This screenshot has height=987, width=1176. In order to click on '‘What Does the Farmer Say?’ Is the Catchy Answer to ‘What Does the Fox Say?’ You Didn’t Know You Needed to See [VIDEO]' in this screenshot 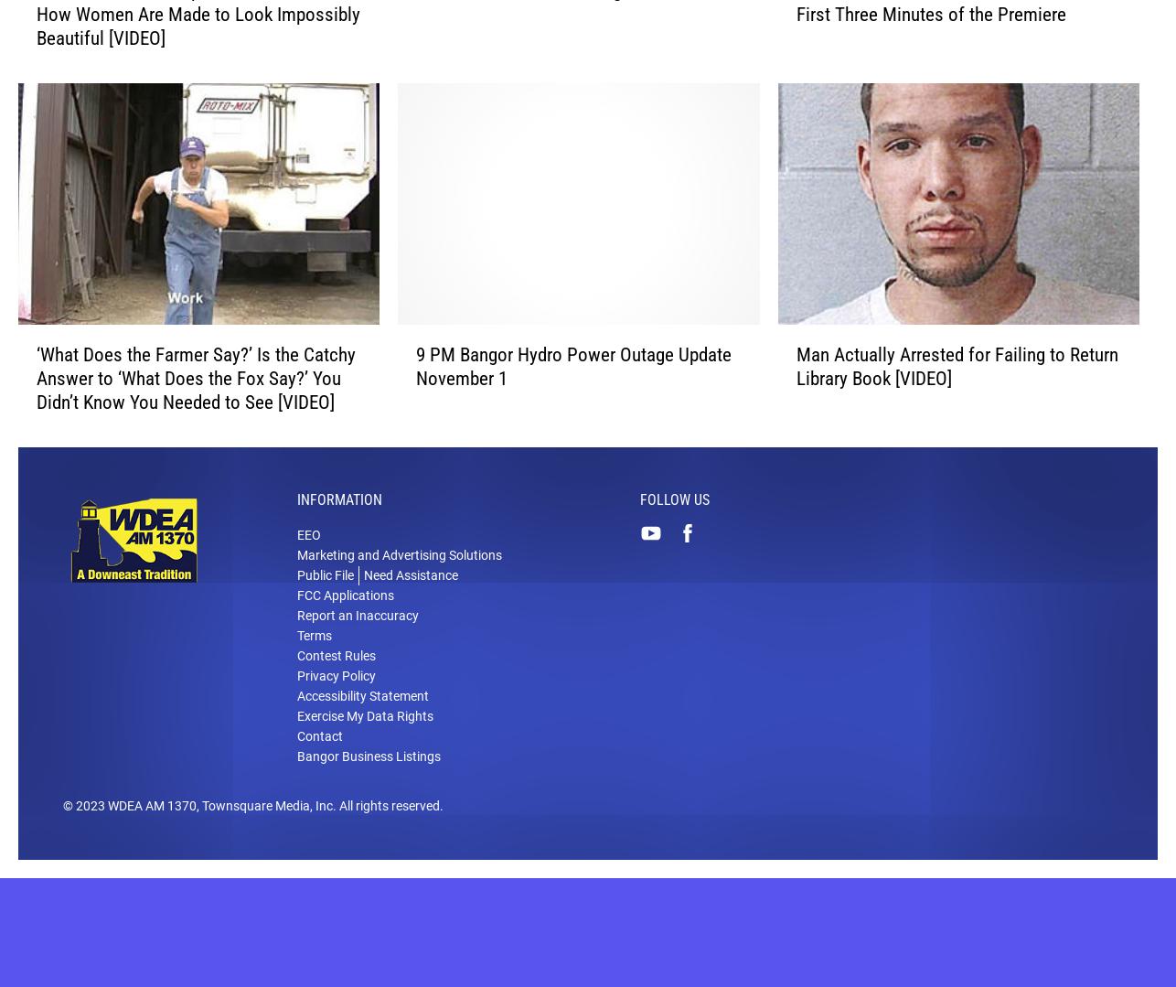, I will do `click(196, 406)`.